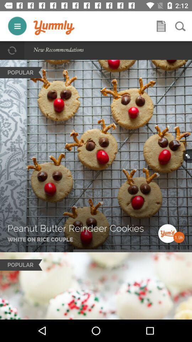 Image resolution: width=192 pixels, height=342 pixels. What do you see at coordinates (17, 26) in the screenshot?
I see `menu` at bounding box center [17, 26].